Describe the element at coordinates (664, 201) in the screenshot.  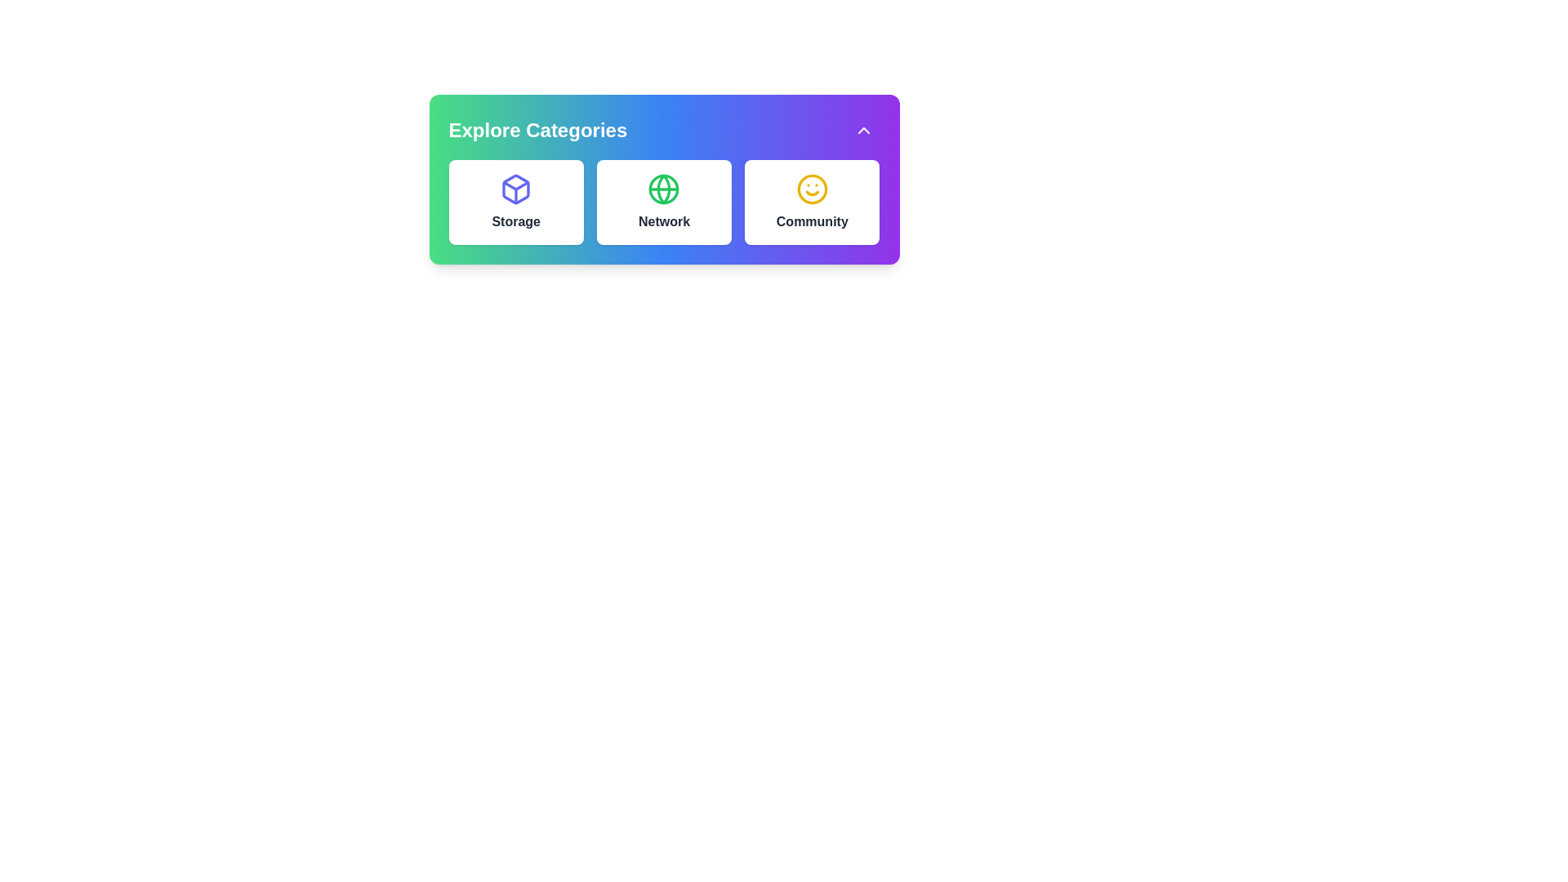
I see `the 'Network' card element, which is styled with a white background, rounded corners, and a shadow effect, located in the 'Explore Categories' section` at that location.